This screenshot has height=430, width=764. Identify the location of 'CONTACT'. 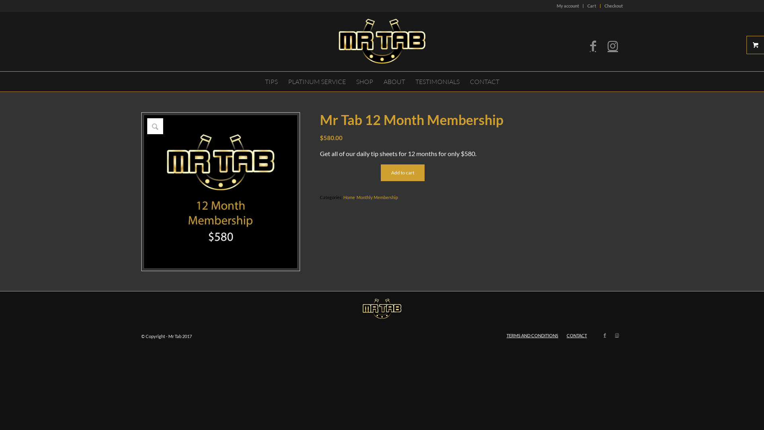
(577, 335).